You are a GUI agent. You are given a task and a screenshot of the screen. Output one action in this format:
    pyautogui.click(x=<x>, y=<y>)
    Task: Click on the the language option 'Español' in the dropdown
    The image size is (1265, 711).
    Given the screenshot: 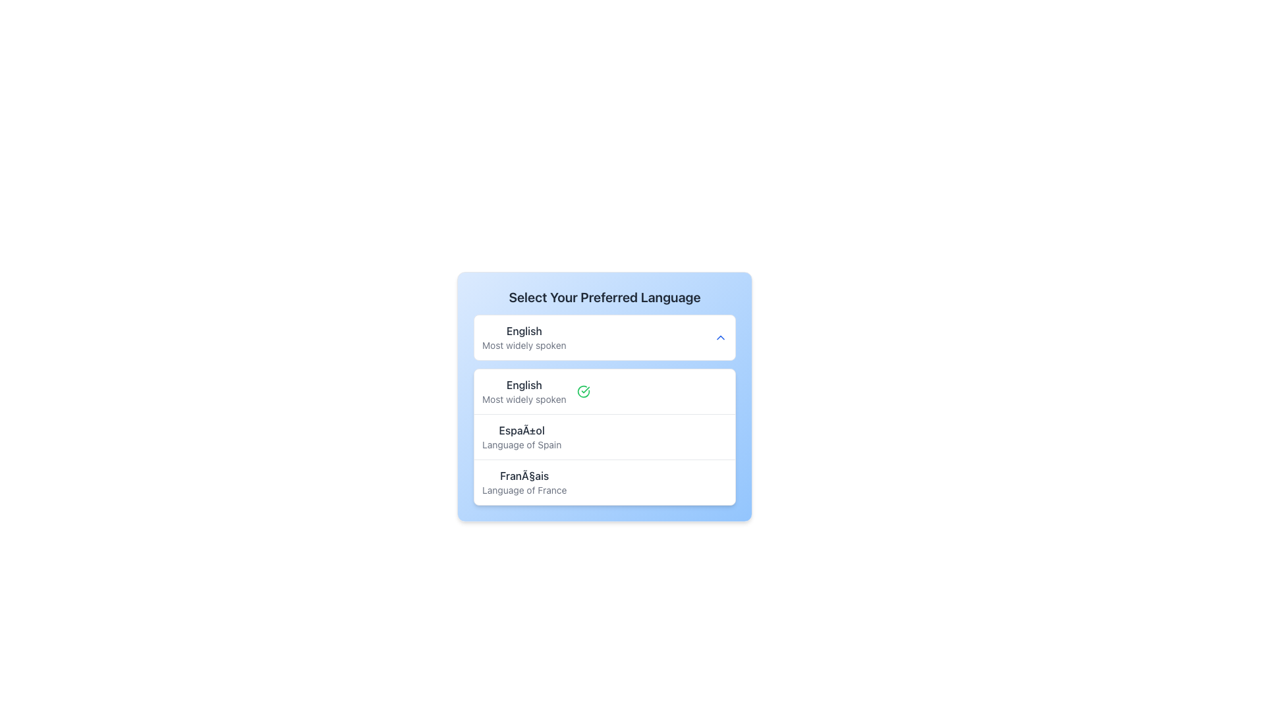 What is the action you would take?
    pyautogui.click(x=521, y=436)
    